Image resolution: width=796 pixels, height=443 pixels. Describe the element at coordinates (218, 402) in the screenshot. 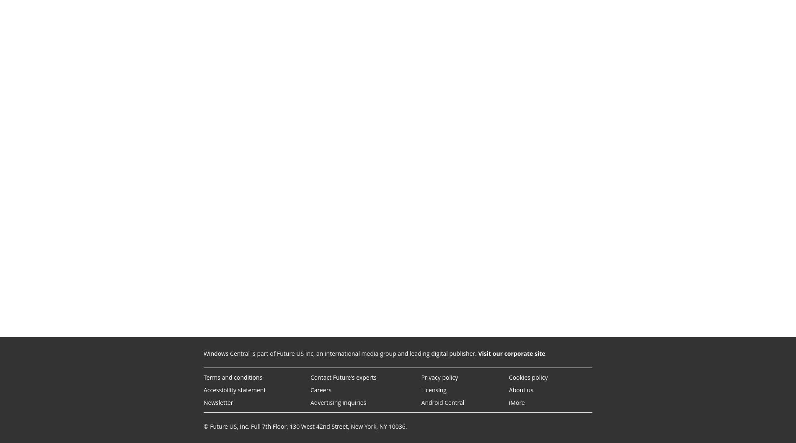

I see `'Newsletter'` at that location.